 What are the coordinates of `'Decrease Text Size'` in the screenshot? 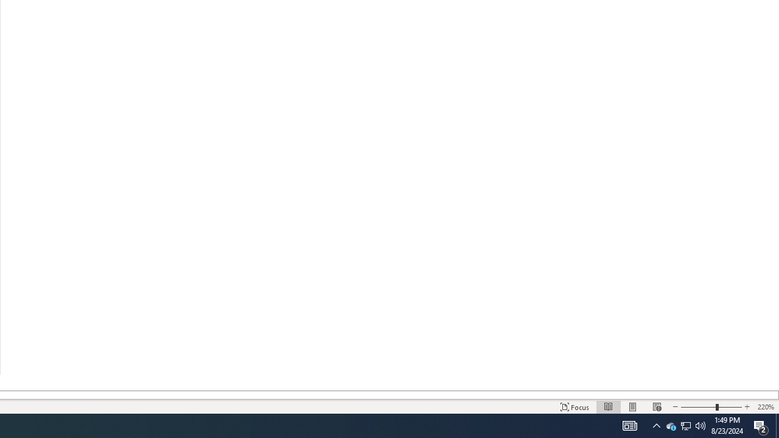 It's located at (674, 407).